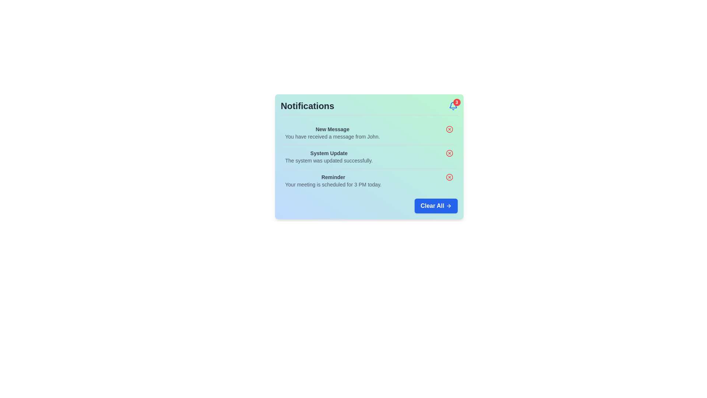  What do you see at coordinates (333, 181) in the screenshot?
I see `the 'Reminder' text block element that displays the message 'Your meeting is scheduled for 3 PM today.'` at bounding box center [333, 181].